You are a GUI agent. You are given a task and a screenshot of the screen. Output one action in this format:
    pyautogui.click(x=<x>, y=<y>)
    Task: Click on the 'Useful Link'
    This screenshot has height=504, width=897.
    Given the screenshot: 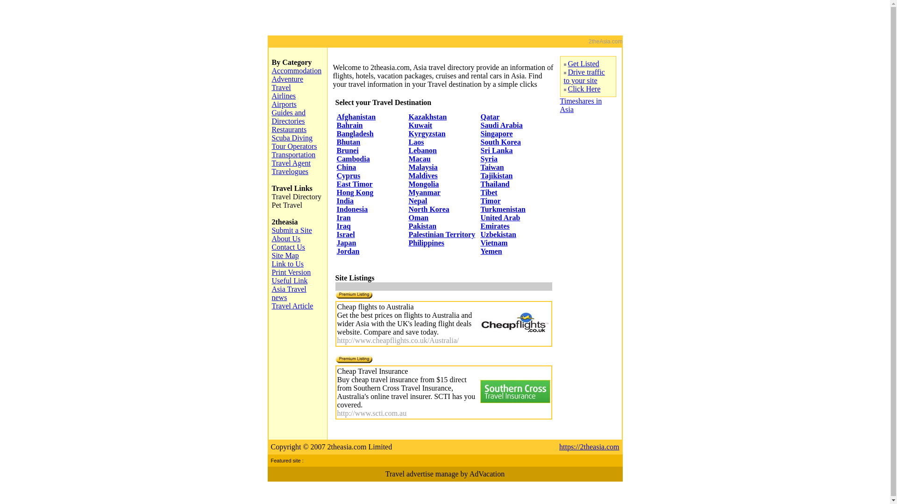 What is the action you would take?
    pyautogui.click(x=289, y=280)
    